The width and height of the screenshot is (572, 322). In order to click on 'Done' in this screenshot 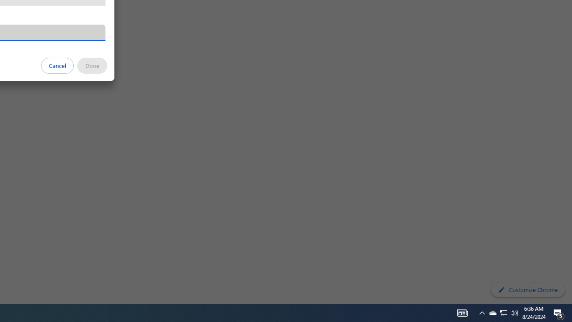, I will do `click(92, 65)`.